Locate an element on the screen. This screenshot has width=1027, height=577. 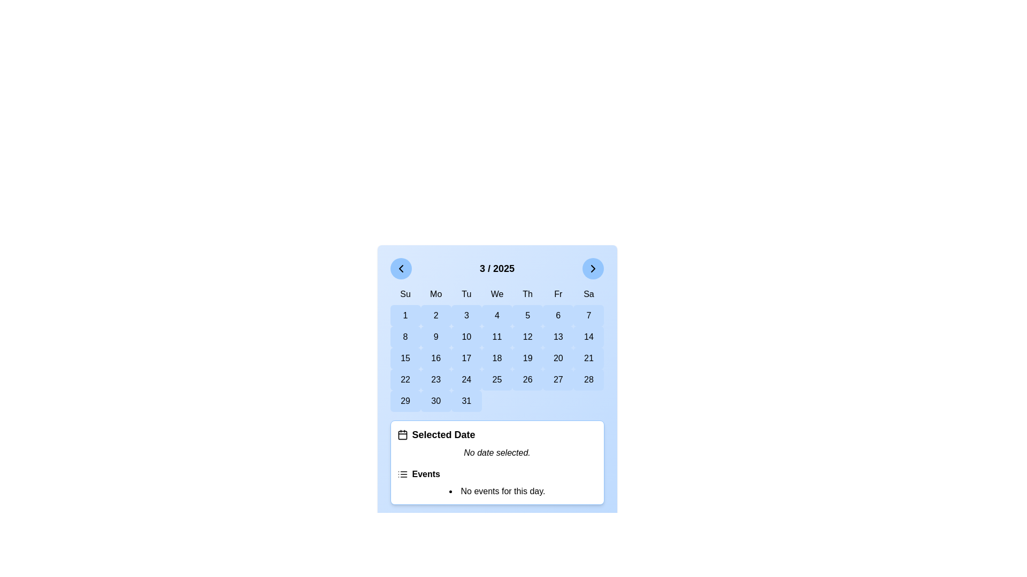
the bold text label representing Thursday (Th) in the calendar header, which is the fifth item among the weekday abbreviations is located at coordinates (527, 294).